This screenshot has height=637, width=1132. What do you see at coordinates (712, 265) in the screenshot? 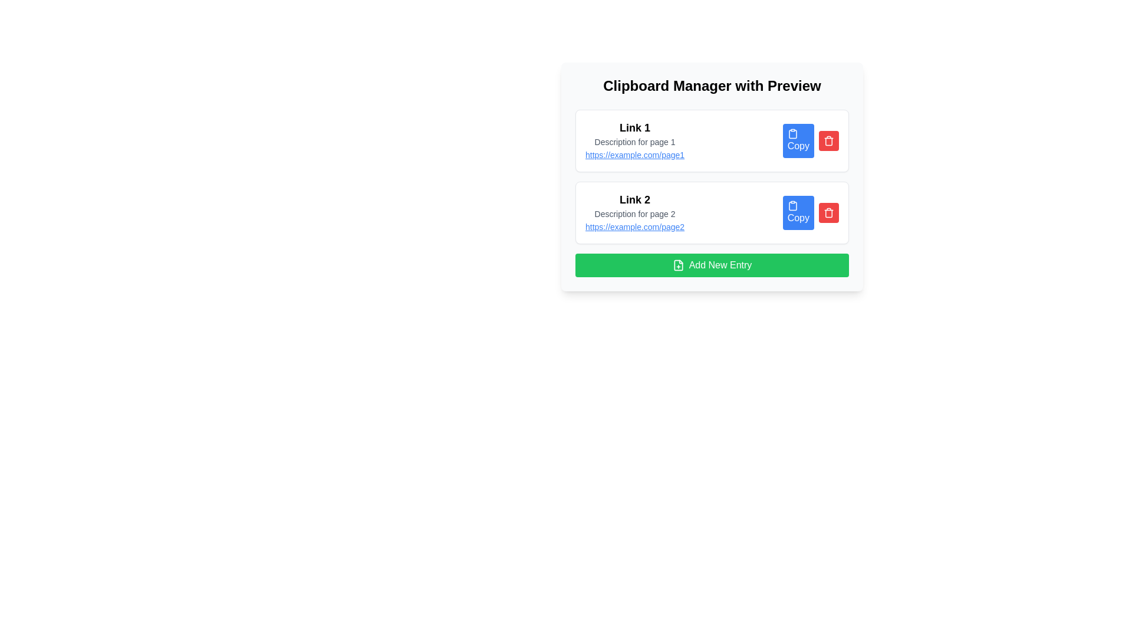
I see `the button located at the bottom of the 'Clipboard Manager with Preview' section` at bounding box center [712, 265].